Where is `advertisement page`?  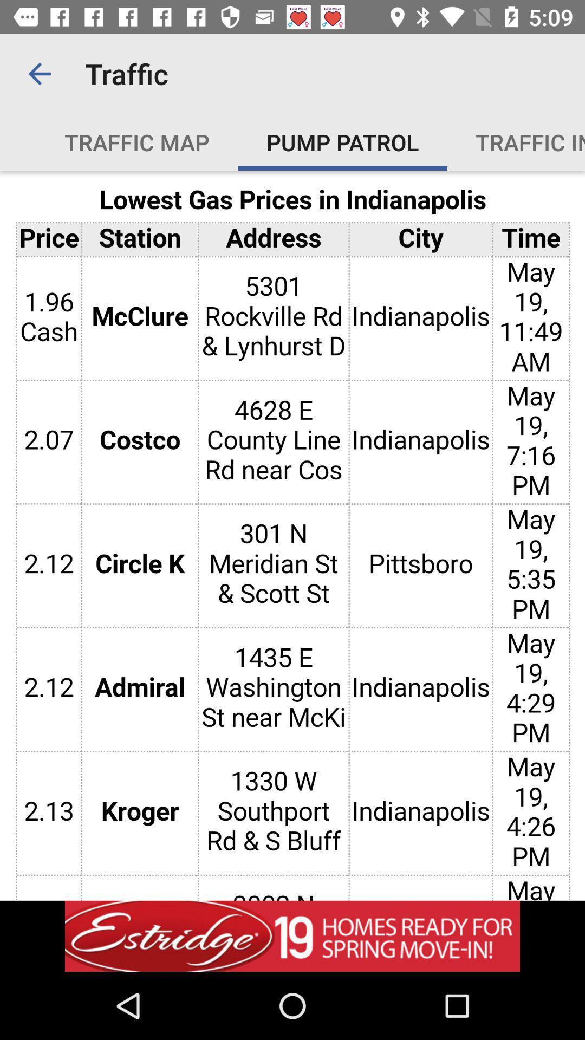 advertisement page is located at coordinates (292, 535).